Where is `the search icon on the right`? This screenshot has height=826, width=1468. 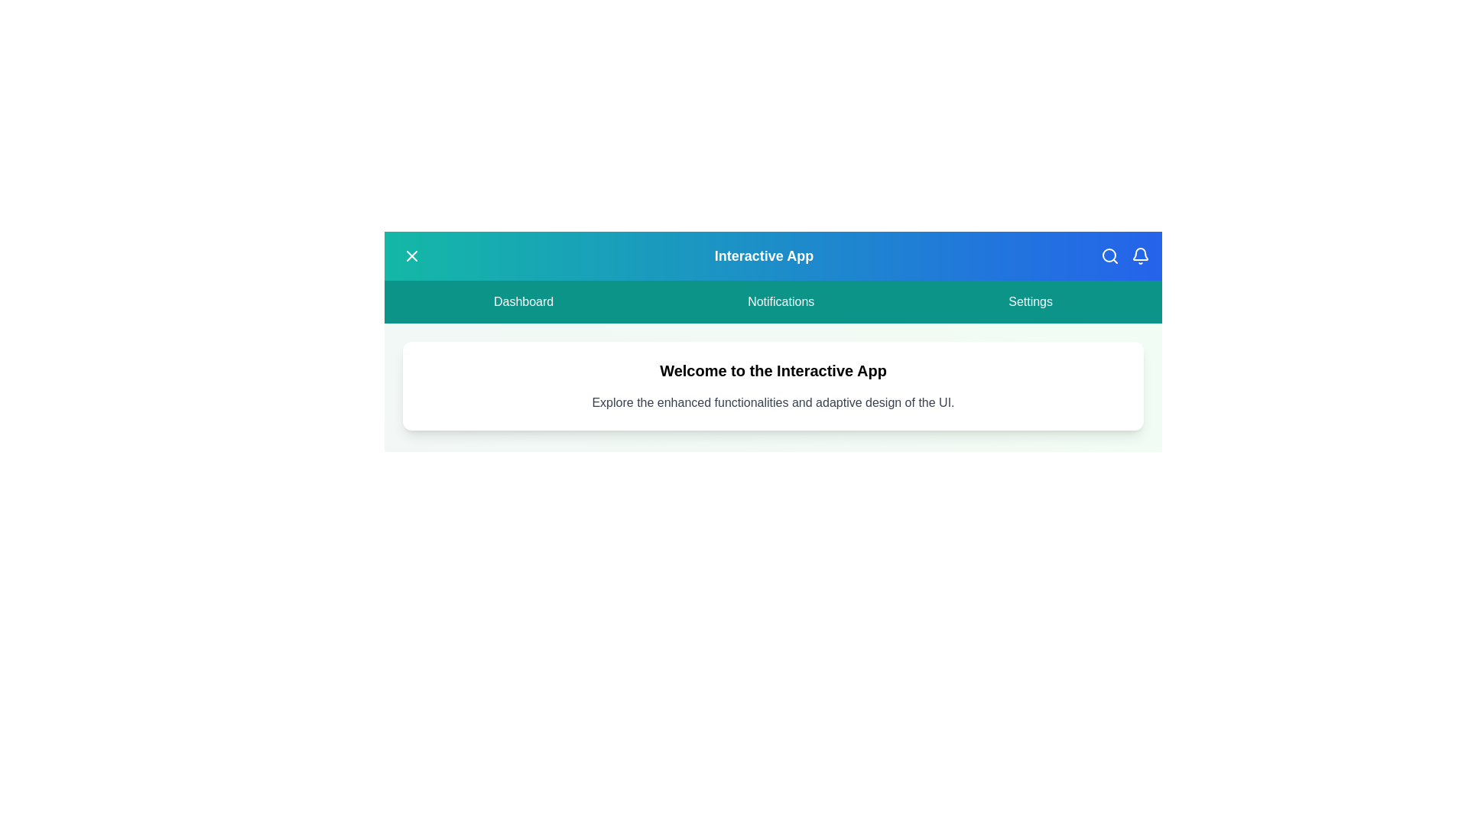 the search icon on the right is located at coordinates (1109, 255).